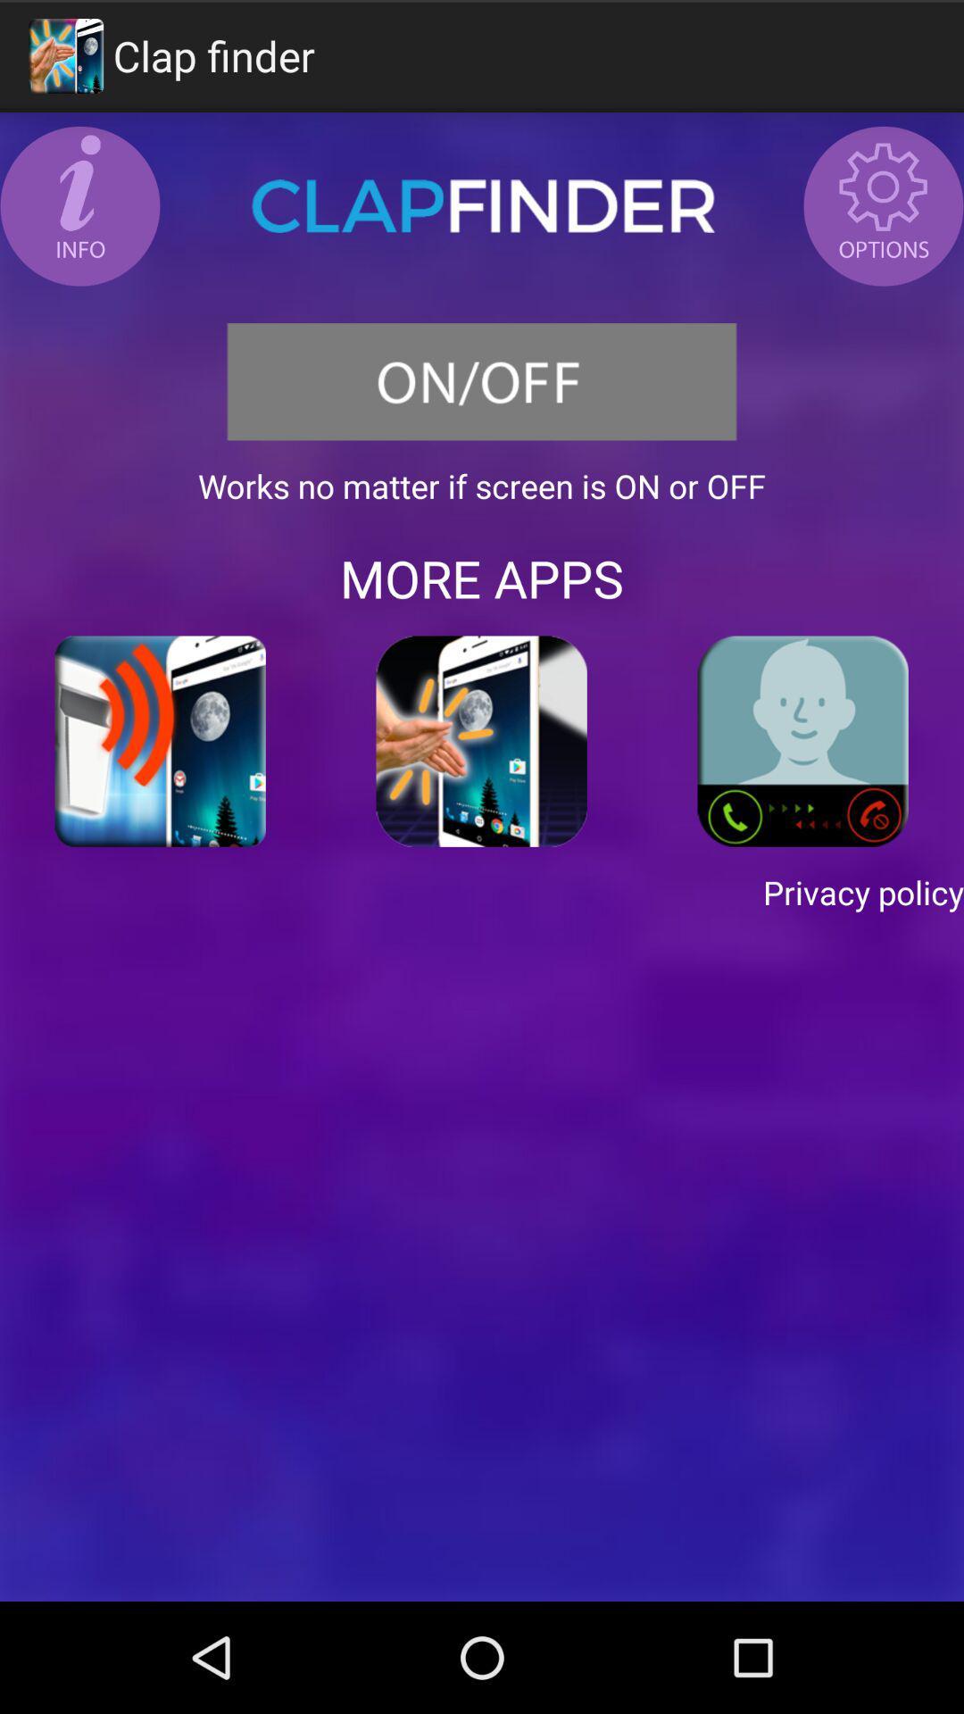  I want to click on see more info, so click(79, 205).